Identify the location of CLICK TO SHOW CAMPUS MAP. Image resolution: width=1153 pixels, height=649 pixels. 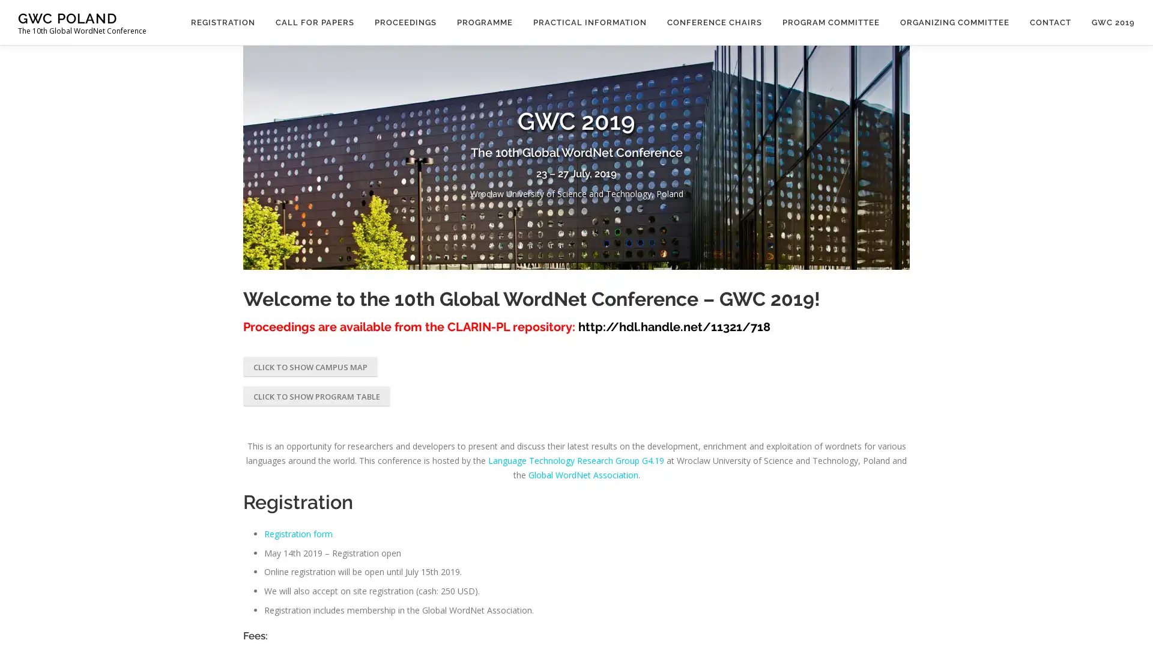
(310, 365).